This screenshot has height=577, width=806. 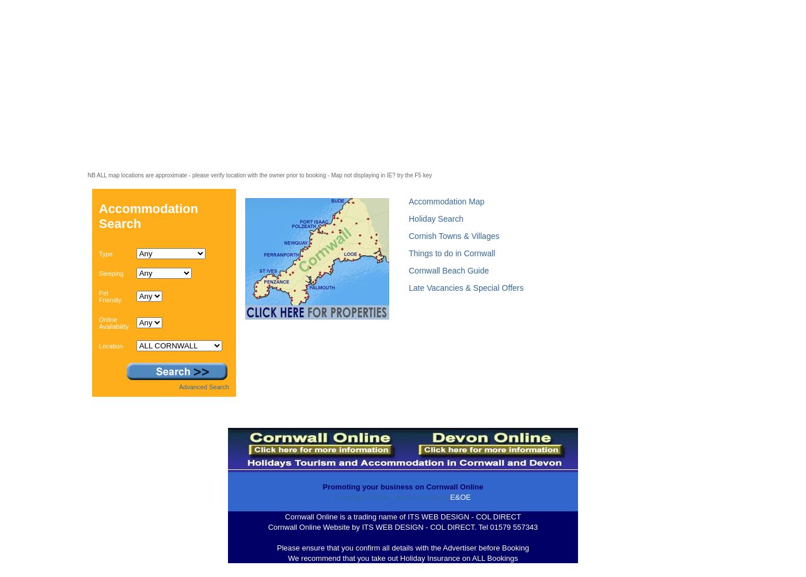 What do you see at coordinates (459, 496) in the screenshot?
I see `'E&OE'` at bounding box center [459, 496].